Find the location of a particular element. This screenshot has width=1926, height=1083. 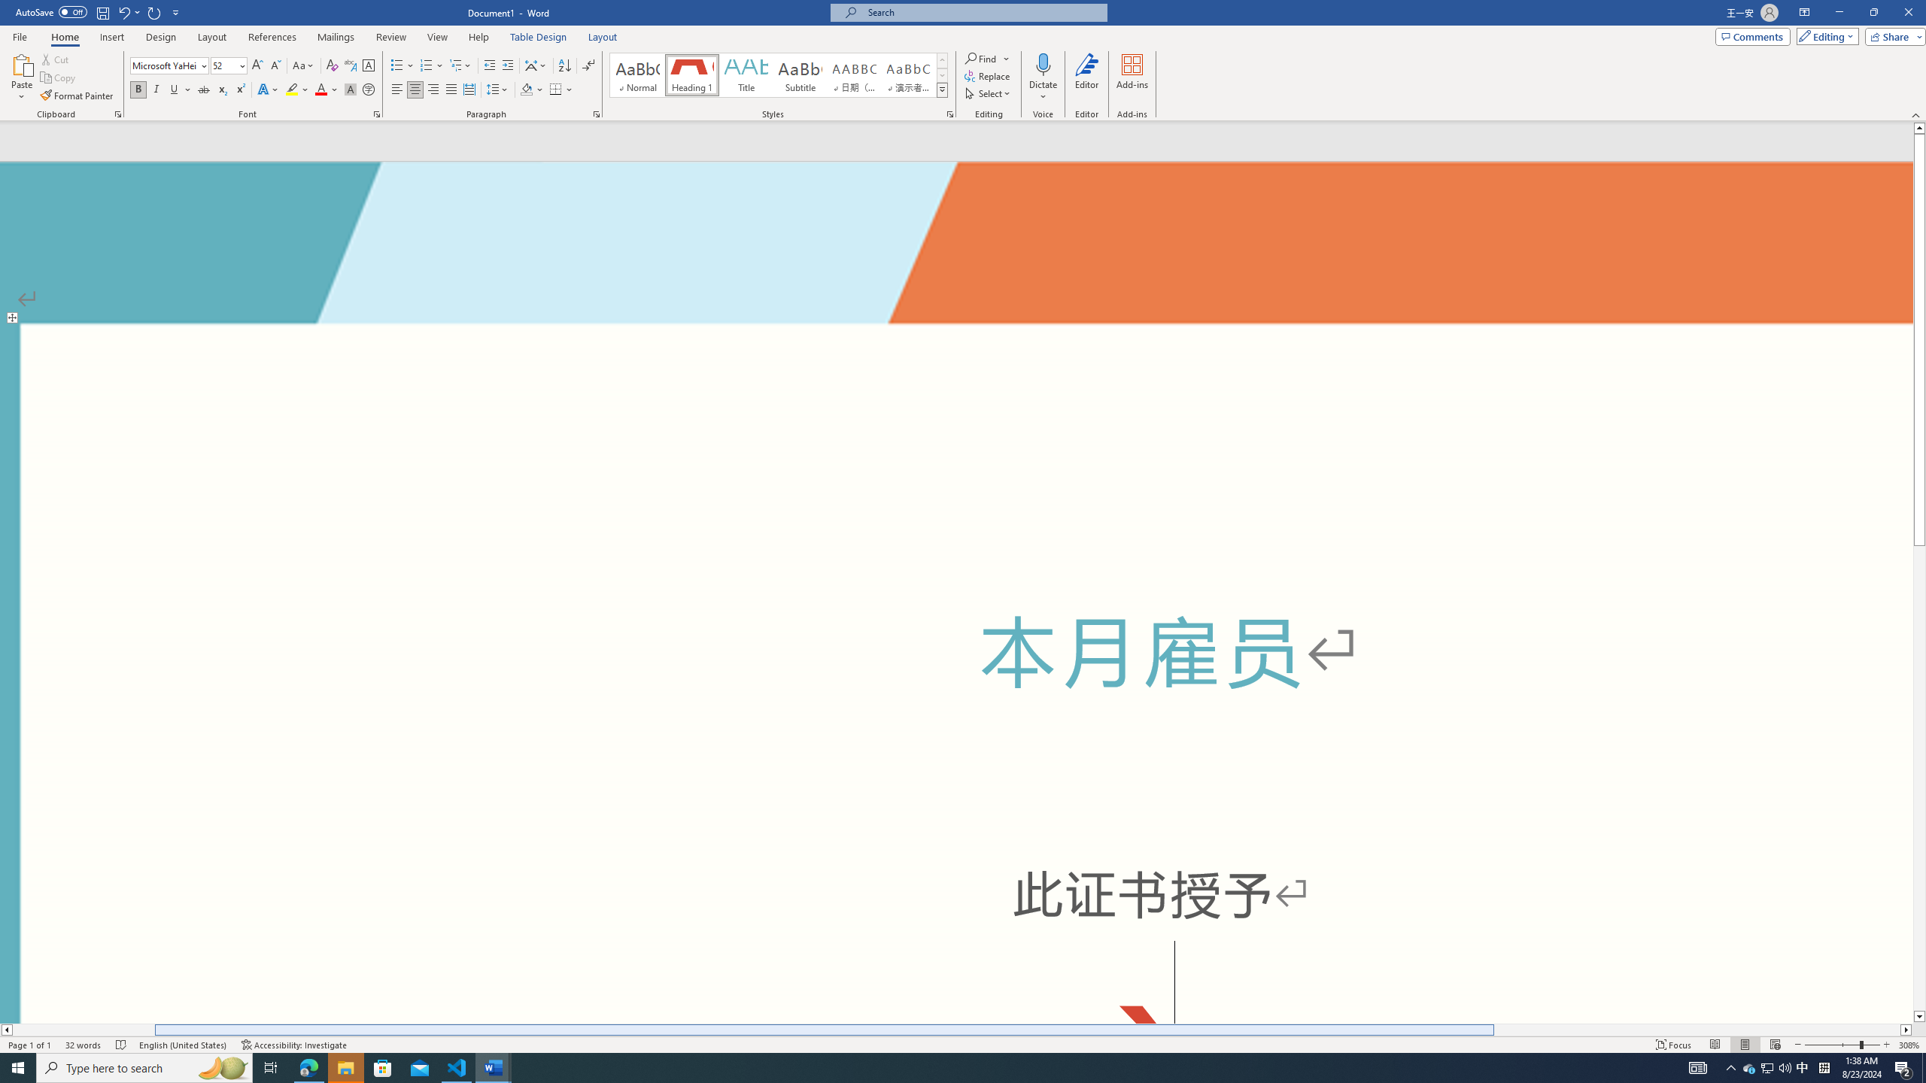

'Select' is located at coordinates (988, 92).